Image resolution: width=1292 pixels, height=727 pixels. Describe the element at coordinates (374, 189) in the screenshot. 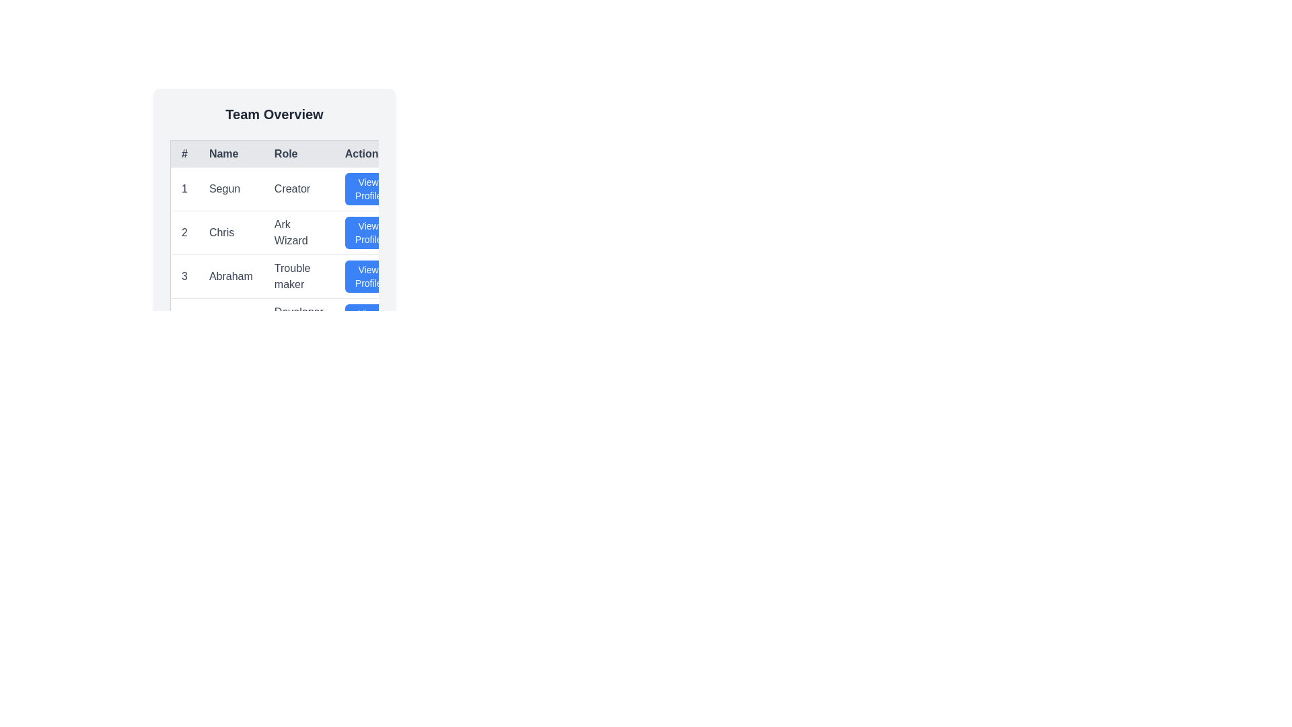

I see `the blue 'View Profile' button with white text and an arrow icon, located in the first row under the 'Action' column of the table, aligned with 'Segun' in the 'Name' column and 'Creator' in the 'Role' column, to observe a visual change` at that location.